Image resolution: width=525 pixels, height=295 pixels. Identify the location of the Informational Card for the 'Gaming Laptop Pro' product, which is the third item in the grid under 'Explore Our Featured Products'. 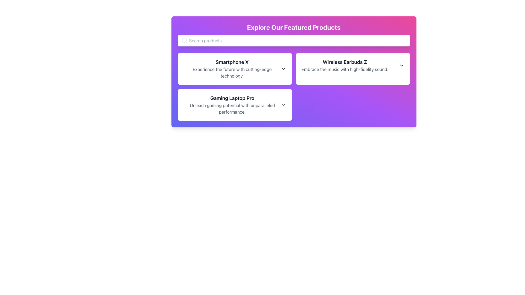
(235, 105).